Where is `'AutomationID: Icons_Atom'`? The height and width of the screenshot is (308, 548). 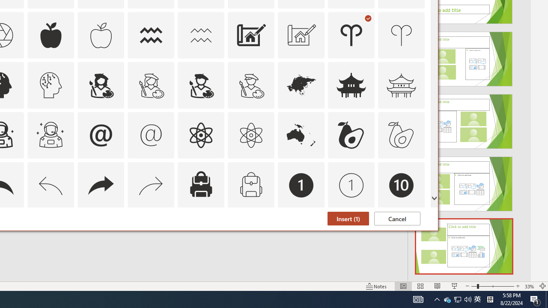 'AutomationID: Icons_Atom' is located at coordinates (200, 135).